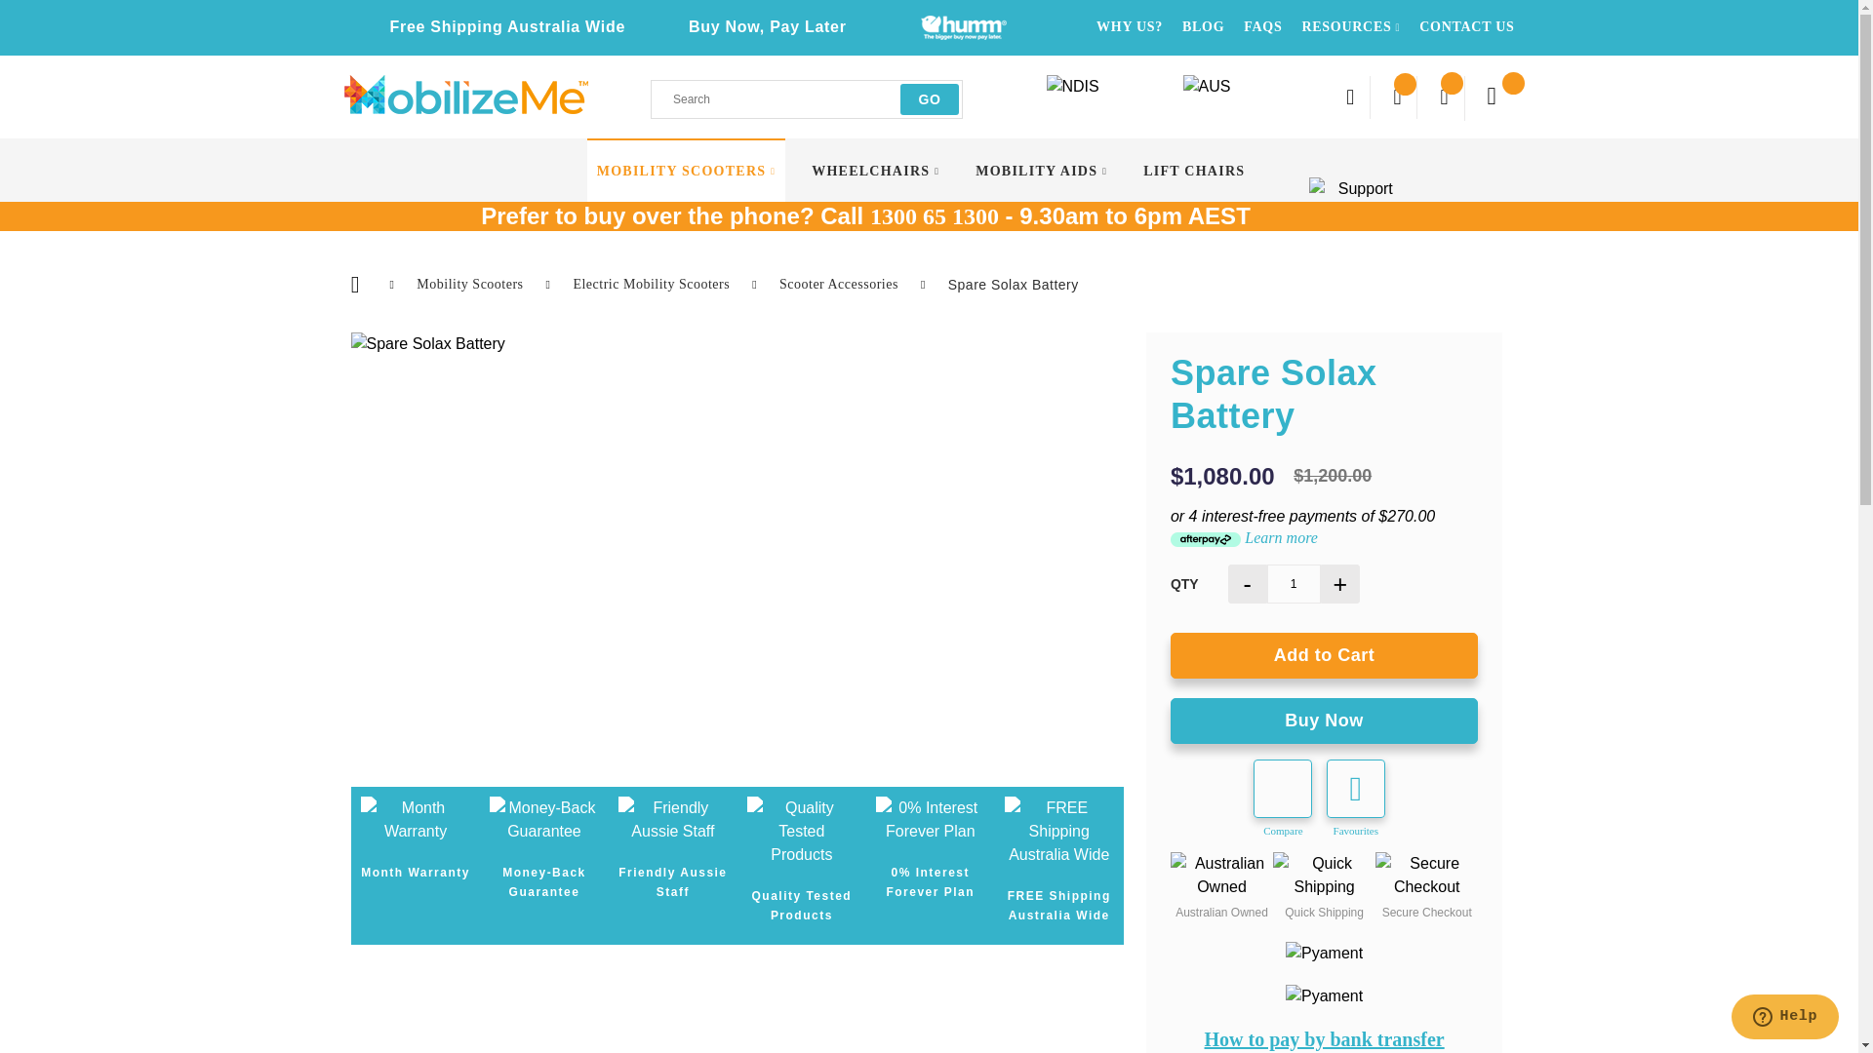 Image resolution: width=1873 pixels, height=1053 pixels. Describe the element at coordinates (490, 819) in the screenshot. I see `'Money-Back Guarantee'` at that location.